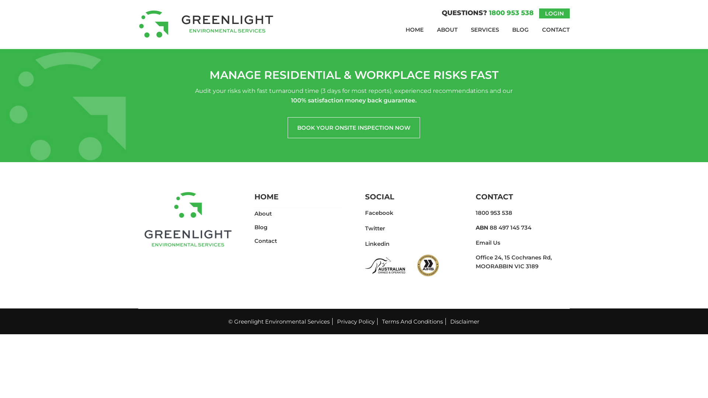 This screenshot has height=398, width=708. What do you see at coordinates (464, 321) in the screenshot?
I see `'Disclaimer'` at bounding box center [464, 321].